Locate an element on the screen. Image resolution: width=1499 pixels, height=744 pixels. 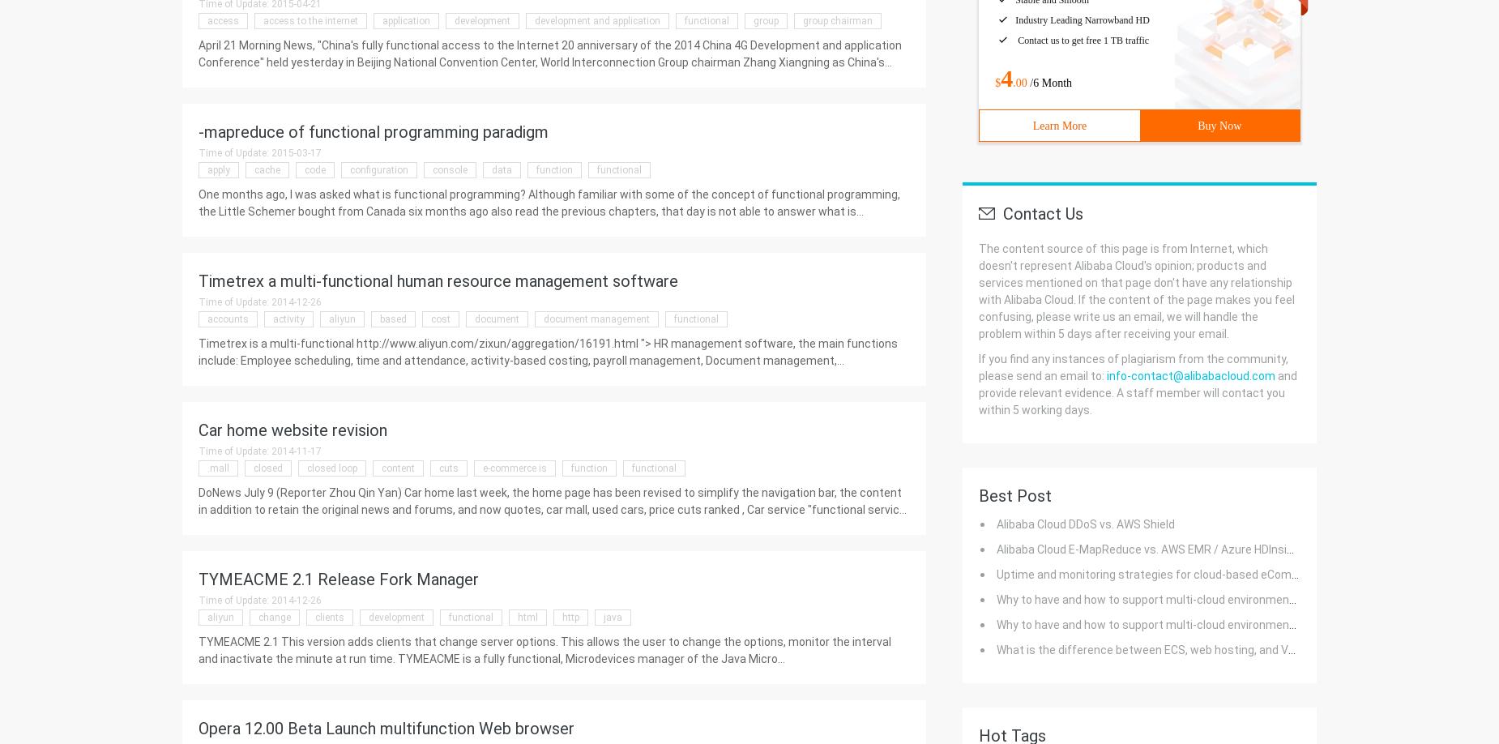
'group' is located at coordinates (752, 20).